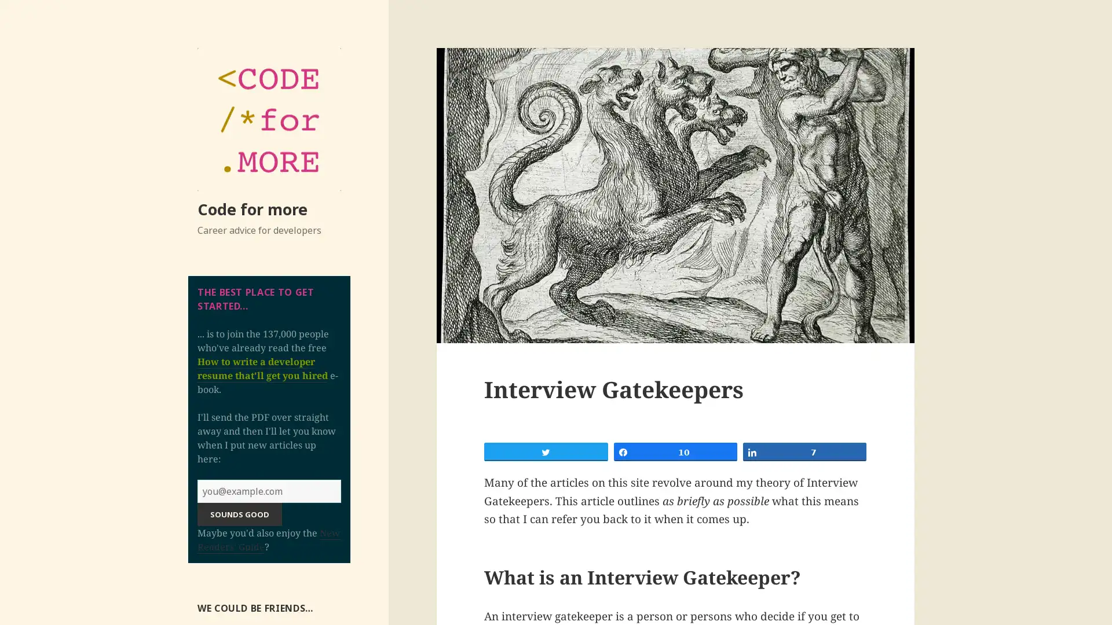 The image size is (1112, 625). What do you see at coordinates (239, 513) in the screenshot?
I see `Sounds good` at bounding box center [239, 513].